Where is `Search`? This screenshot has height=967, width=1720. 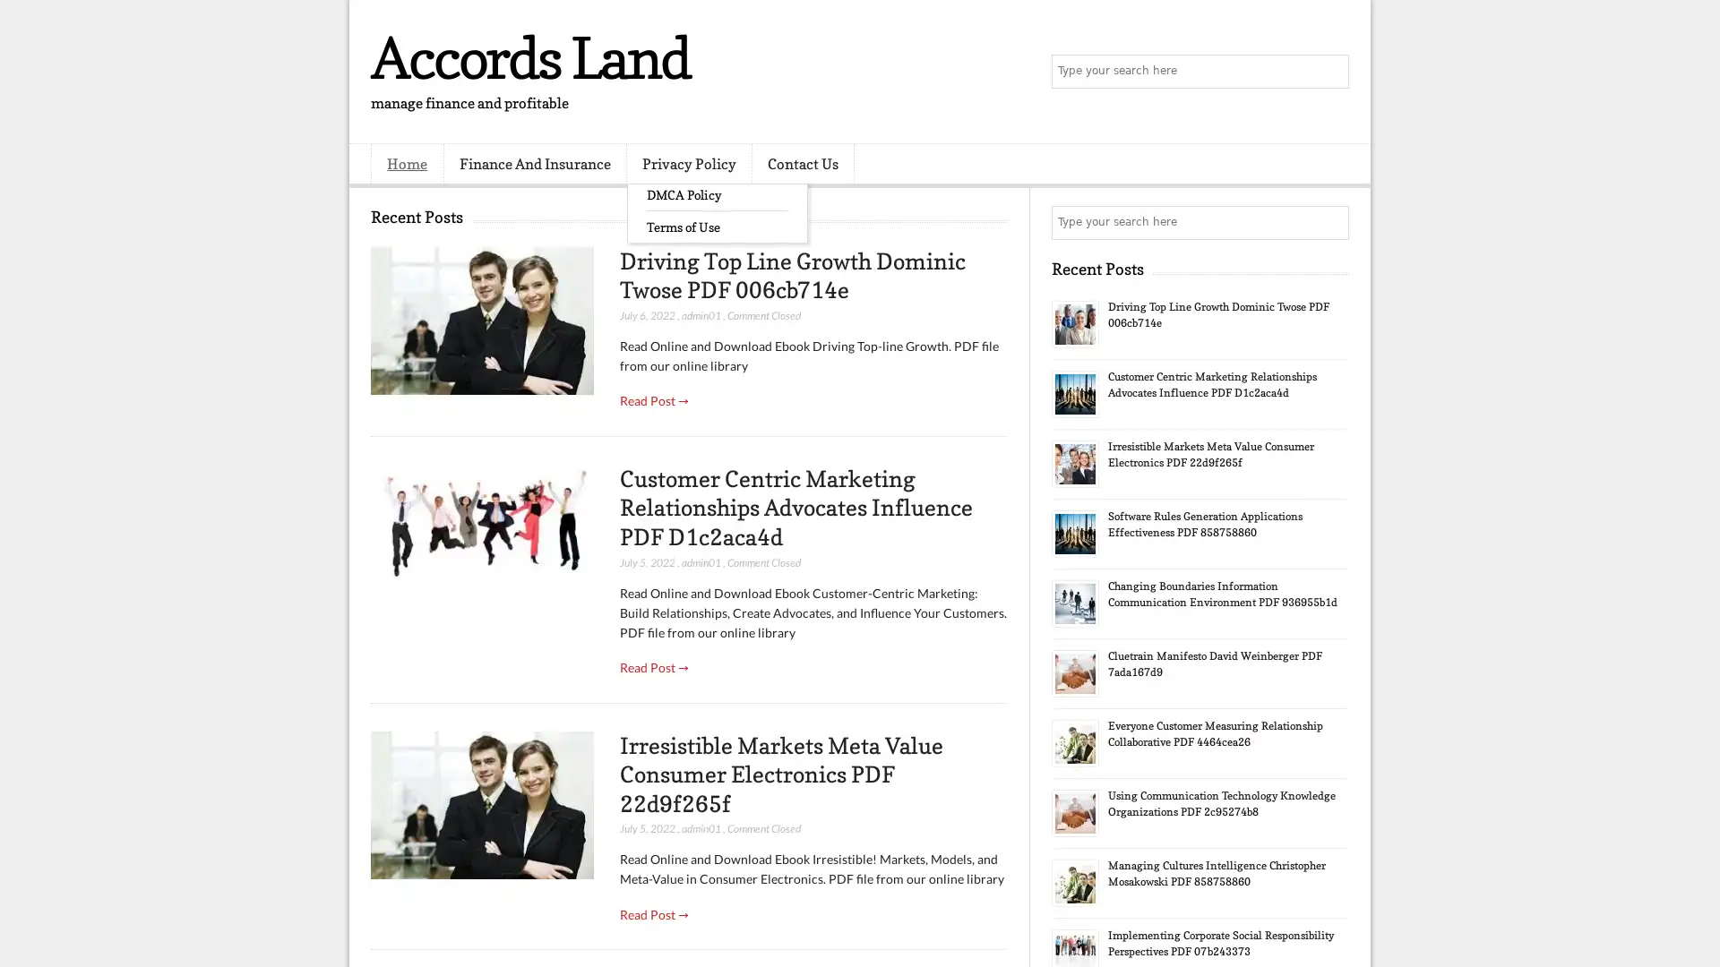 Search is located at coordinates (1330, 222).